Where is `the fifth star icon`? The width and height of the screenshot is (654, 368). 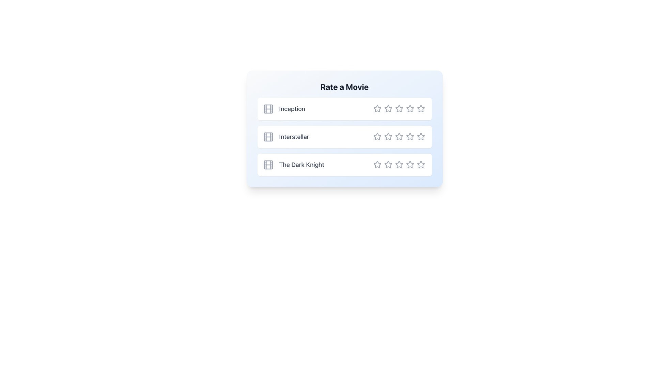 the fifth star icon is located at coordinates (420, 164).